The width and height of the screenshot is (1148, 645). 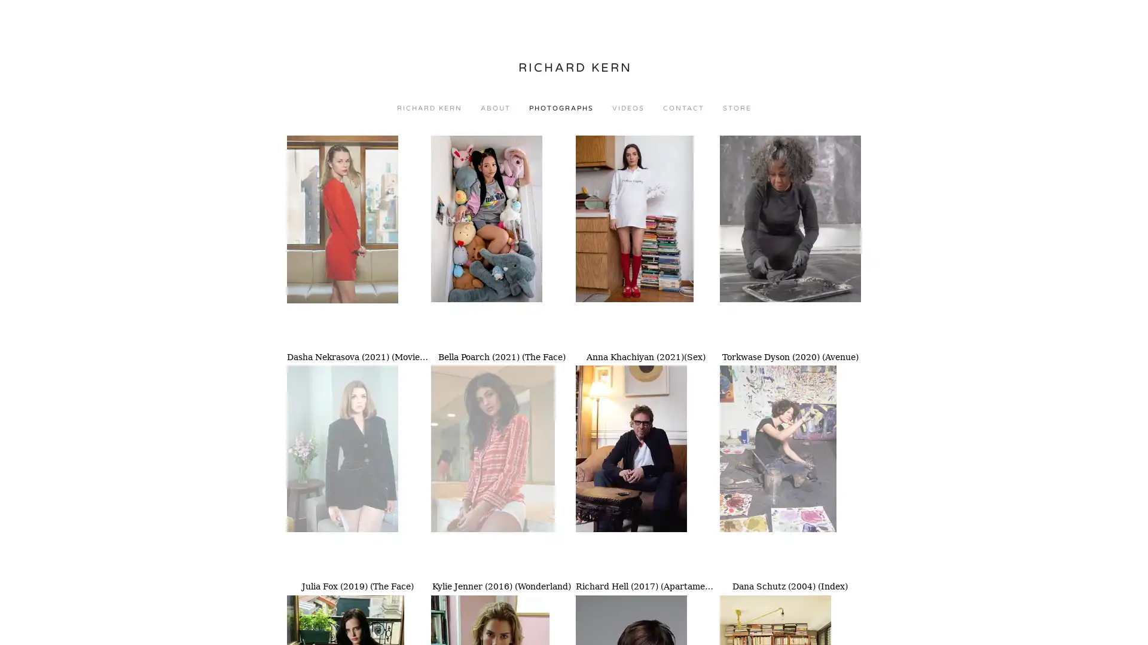 What do you see at coordinates (502, 470) in the screenshot?
I see `View fullsize Kylie Jenner (2016) (Wonderland)` at bounding box center [502, 470].